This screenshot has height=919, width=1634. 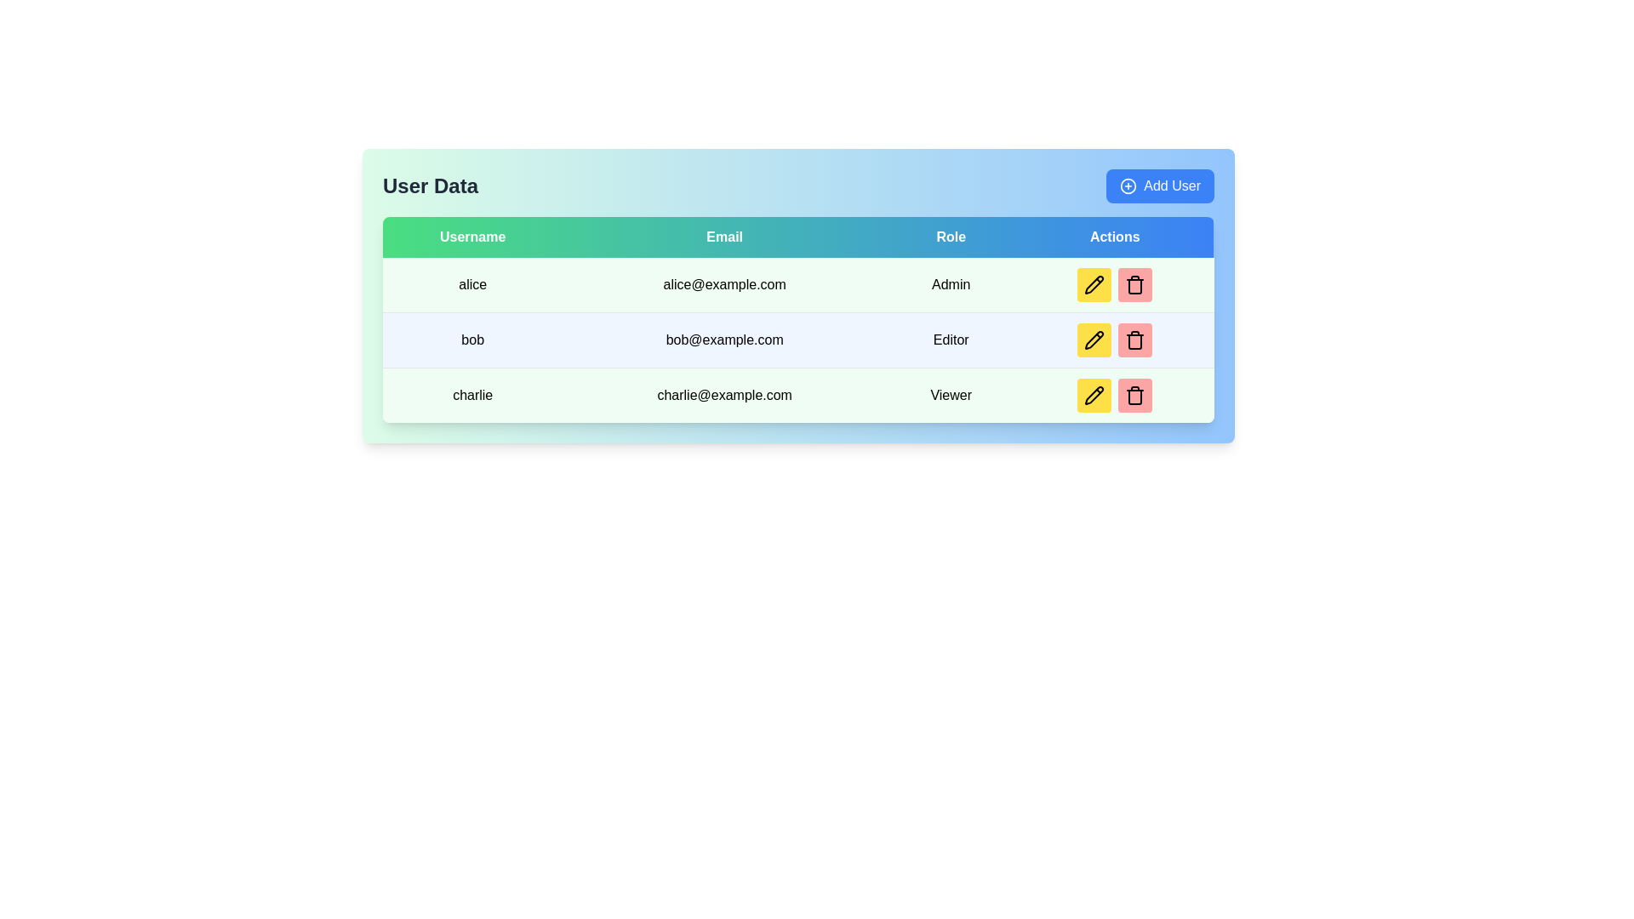 What do you see at coordinates (1128, 186) in the screenshot?
I see `the 'Add User' icon located to the left of the 'Add User' text within the button` at bounding box center [1128, 186].